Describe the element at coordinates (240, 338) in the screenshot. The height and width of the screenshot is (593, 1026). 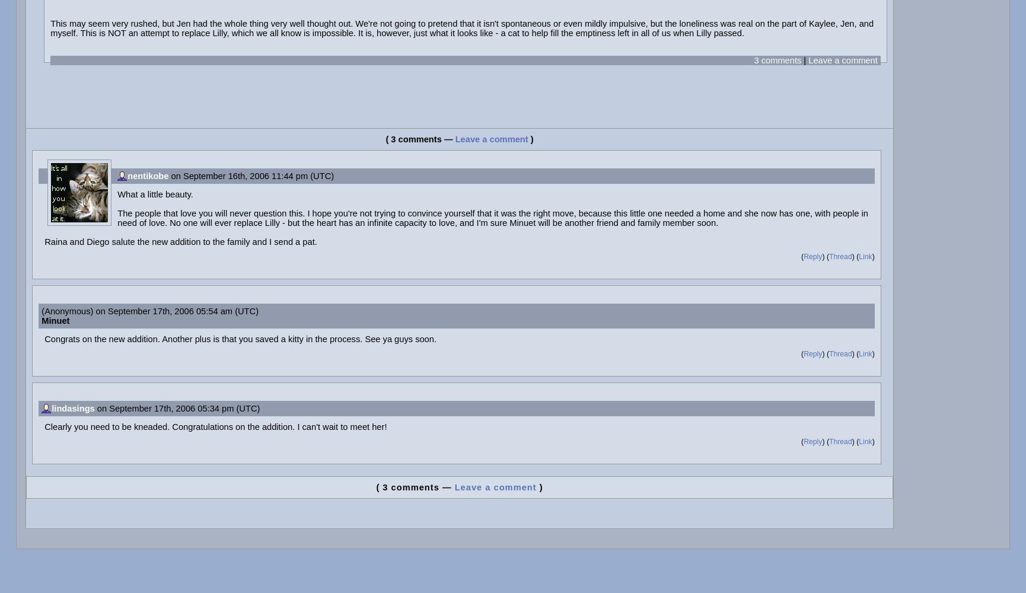
I see `'Congrats on the new addition. Another plus is that you saved a kitty in the process. See ya guys soon.'` at that location.